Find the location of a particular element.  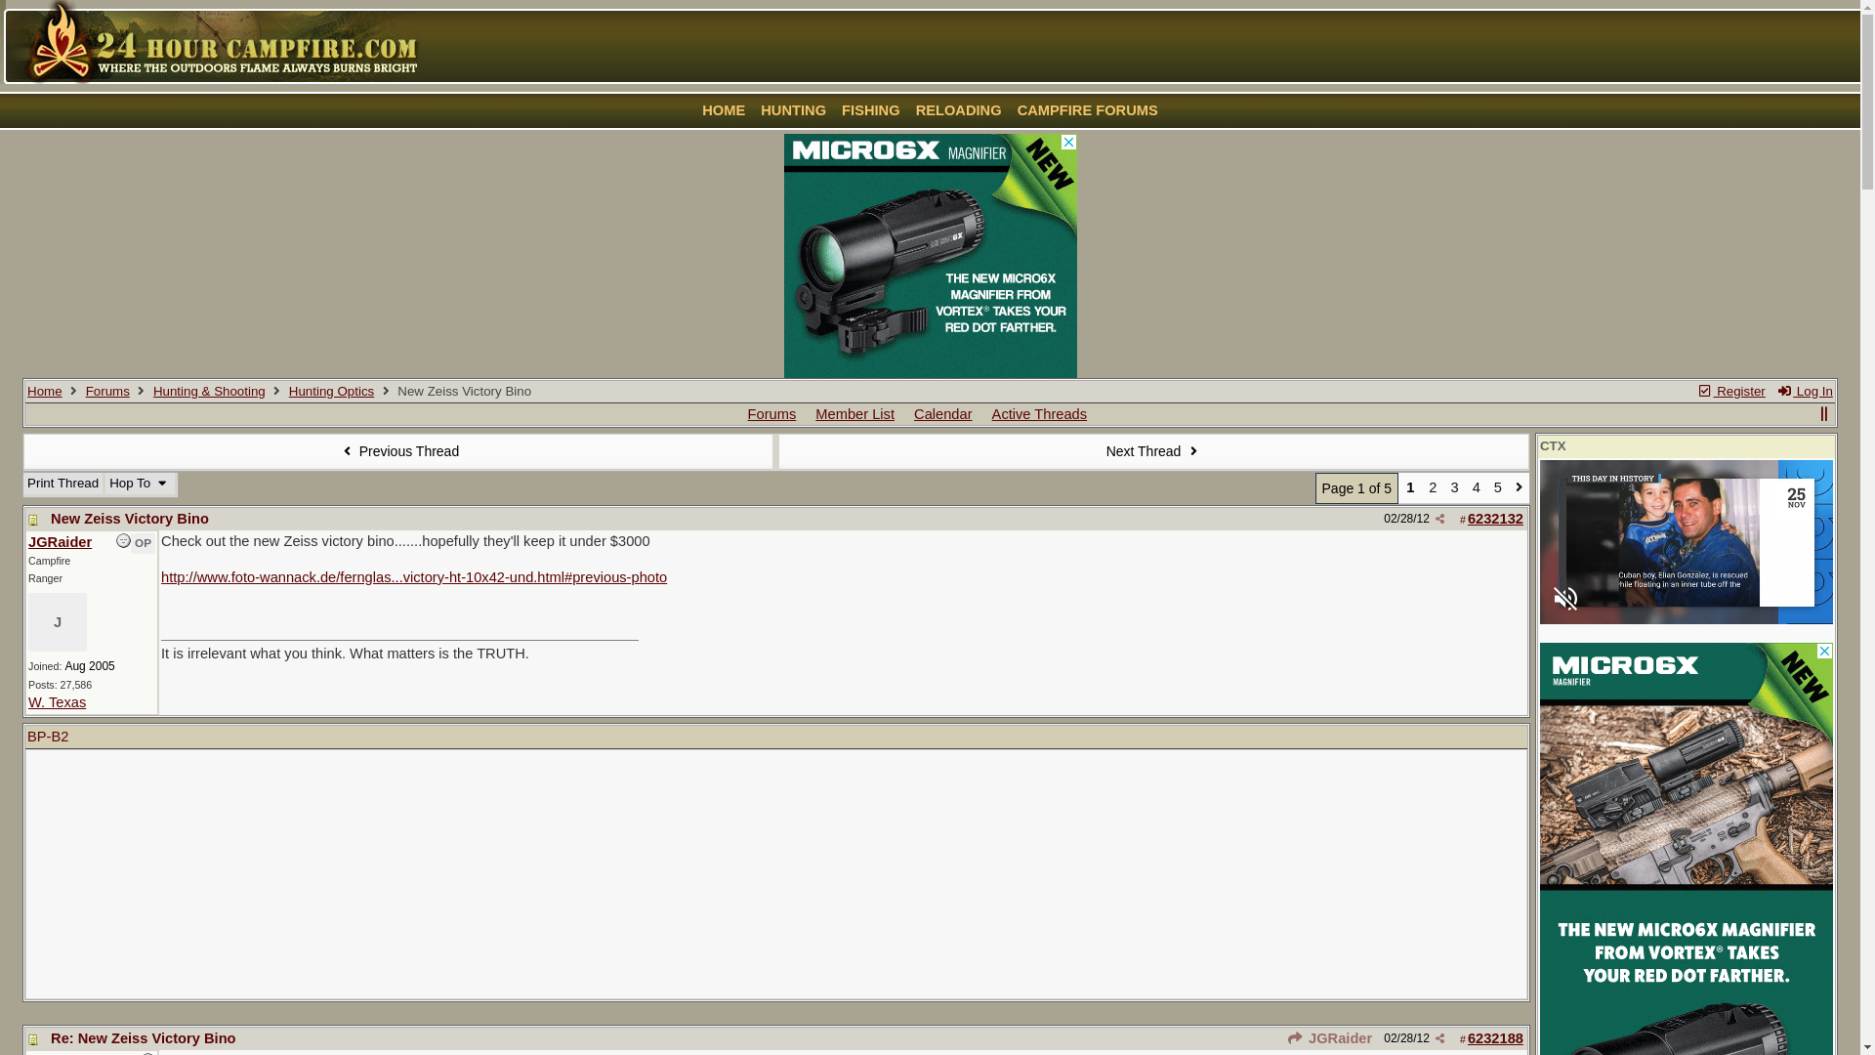

'HUNTING' is located at coordinates (753, 109).